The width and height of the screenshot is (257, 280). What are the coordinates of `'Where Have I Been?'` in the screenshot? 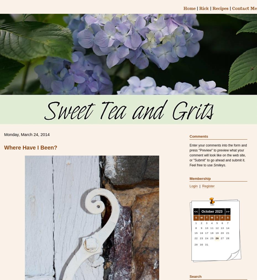 It's located at (31, 147).